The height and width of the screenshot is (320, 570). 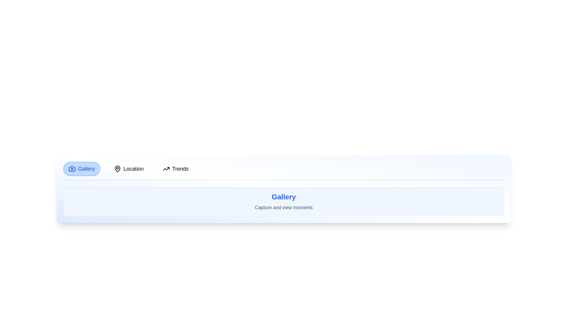 I want to click on the Trends tab, so click(x=175, y=169).